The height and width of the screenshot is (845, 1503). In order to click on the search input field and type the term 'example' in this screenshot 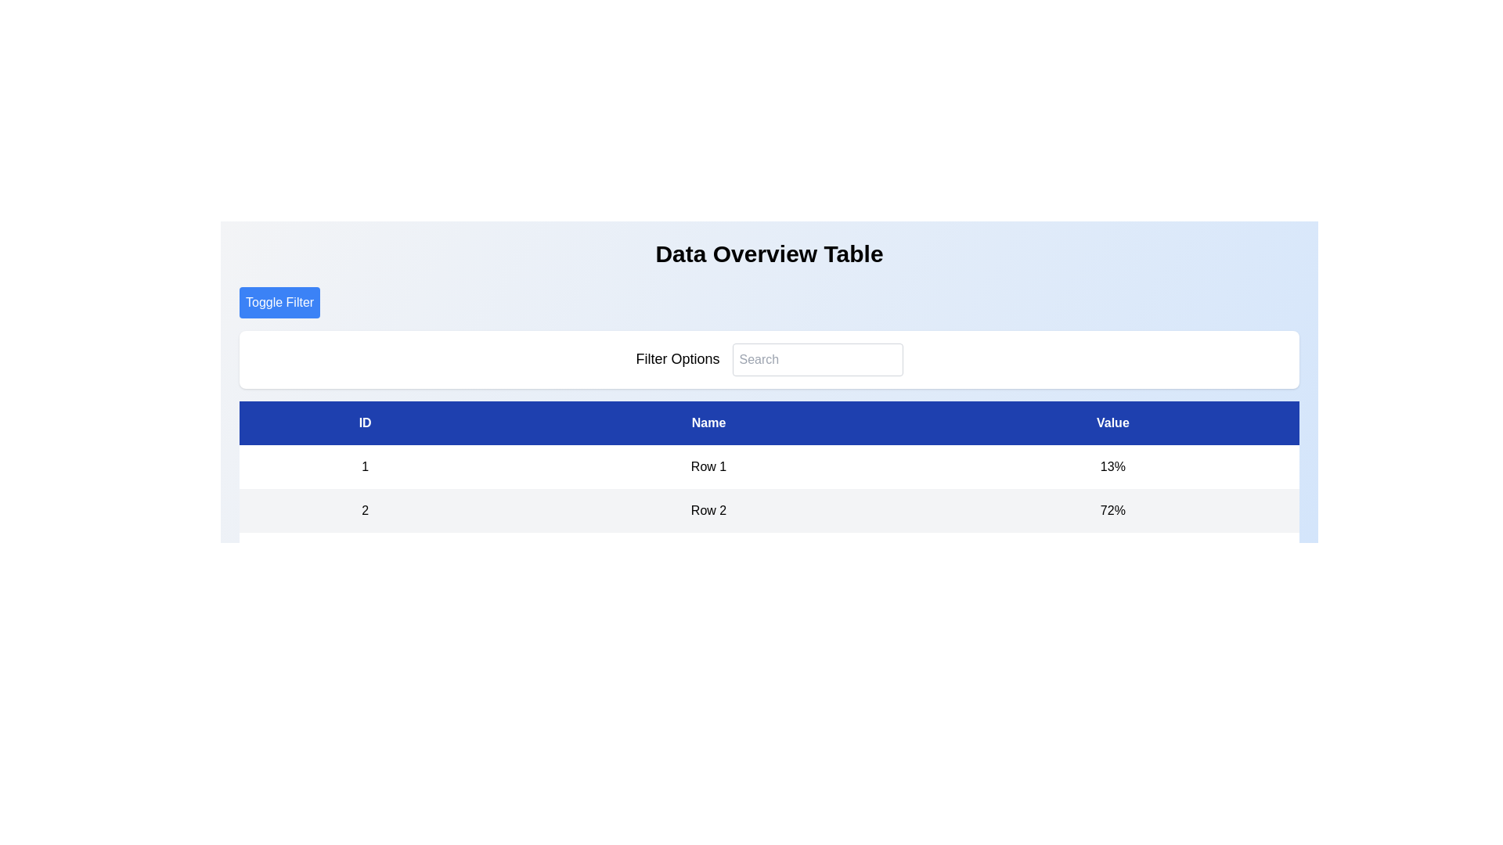, I will do `click(816, 359)`.